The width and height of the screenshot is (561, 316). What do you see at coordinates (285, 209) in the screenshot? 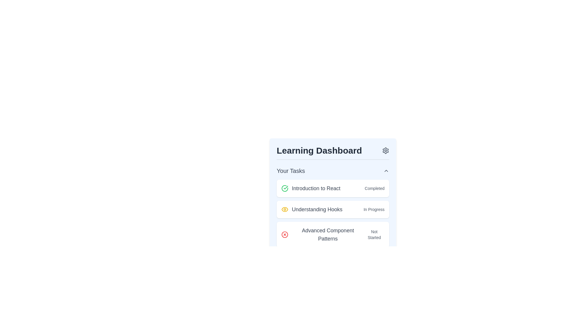
I see `the stylized eye icon with a yellow outline located to the left of the 'Understanding Hooks' label in the 'Your Tasks' section of the Learning Dashboard` at bounding box center [285, 209].